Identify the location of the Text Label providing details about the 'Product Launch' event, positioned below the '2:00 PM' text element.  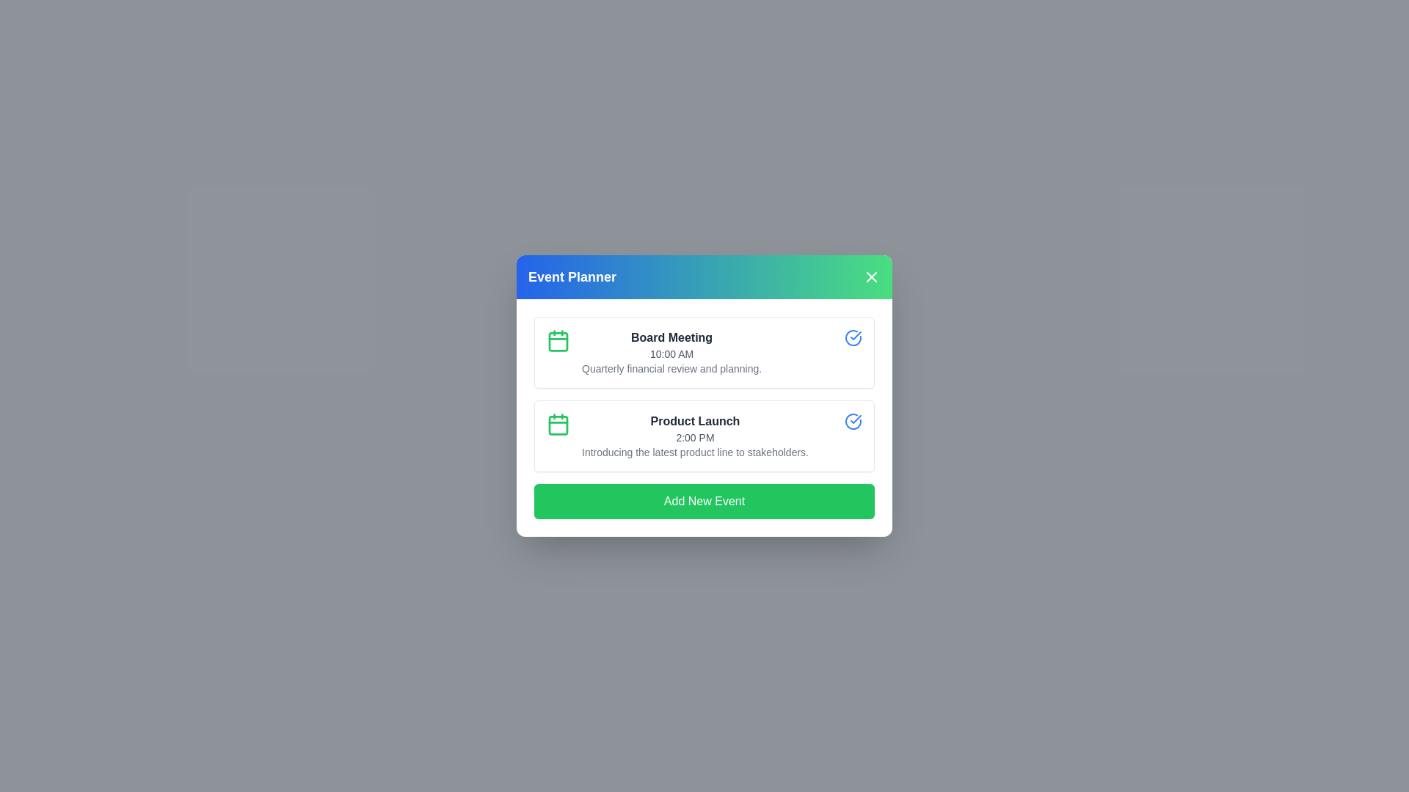
(694, 452).